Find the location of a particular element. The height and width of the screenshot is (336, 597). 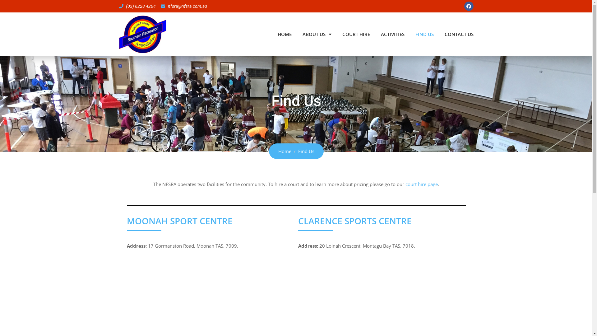

'COURT HIRE' is located at coordinates (341, 34).